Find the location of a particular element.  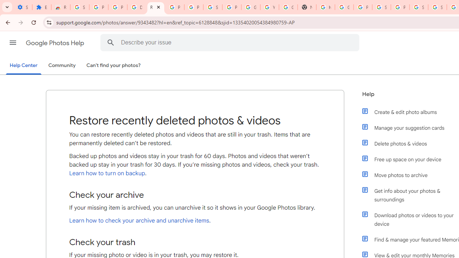

'Sign in - Google Accounts' is located at coordinates (419, 7).